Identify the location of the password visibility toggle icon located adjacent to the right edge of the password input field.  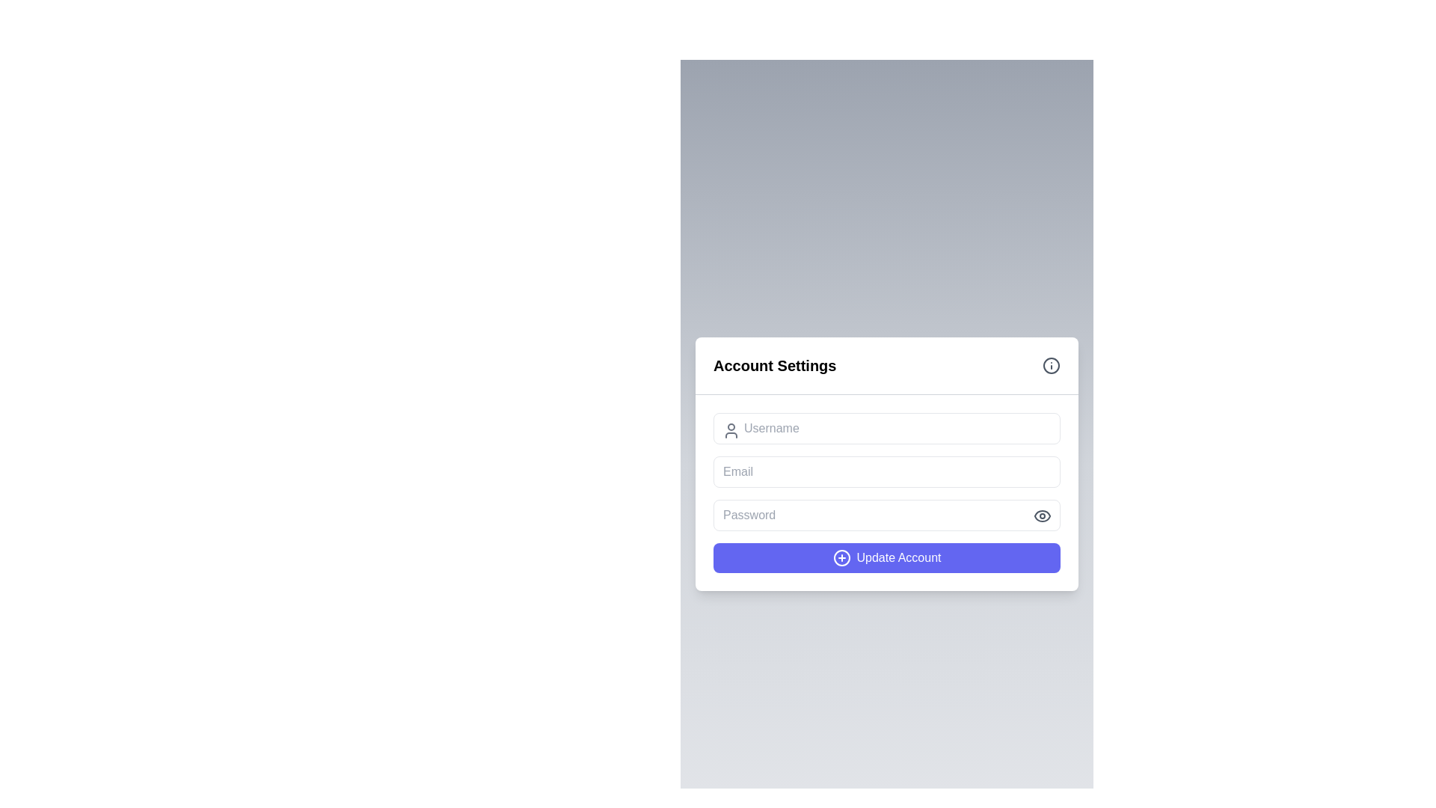
(1041, 515).